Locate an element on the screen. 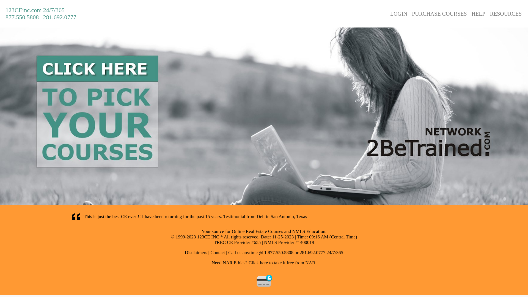 This screenshot has width=528, height=297. 'HELP' is located at coordinates (478, 13).